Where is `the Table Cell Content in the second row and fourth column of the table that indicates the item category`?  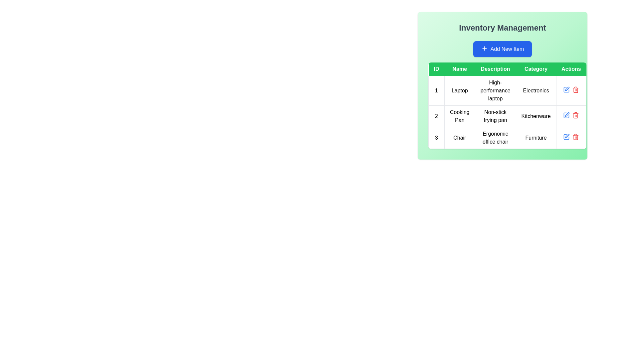
the Table Cell Content in the second row and fourth column of the table that indicates the item category is located at coordinates (536, 116).